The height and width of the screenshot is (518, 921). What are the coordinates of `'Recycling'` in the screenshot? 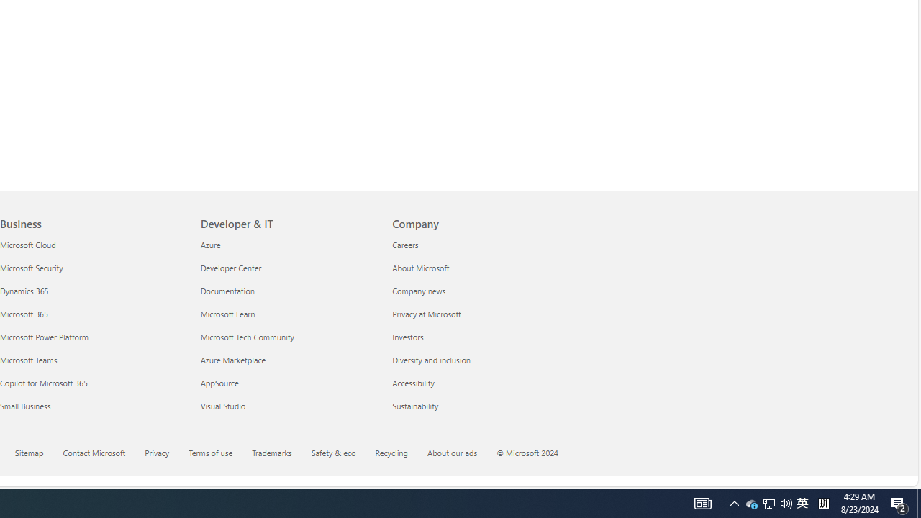 It's located at (400, 454).